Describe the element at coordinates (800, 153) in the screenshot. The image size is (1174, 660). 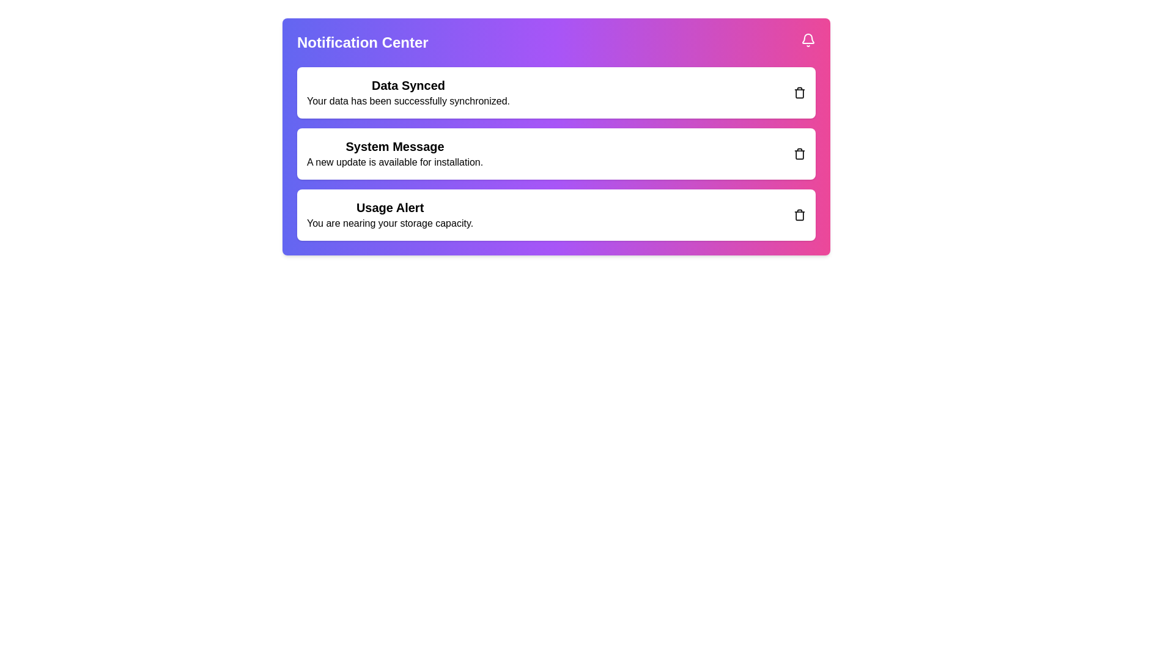
I see `the trash icon button located at the top right corner of the second notification card labeled 'System Message'` at that location.